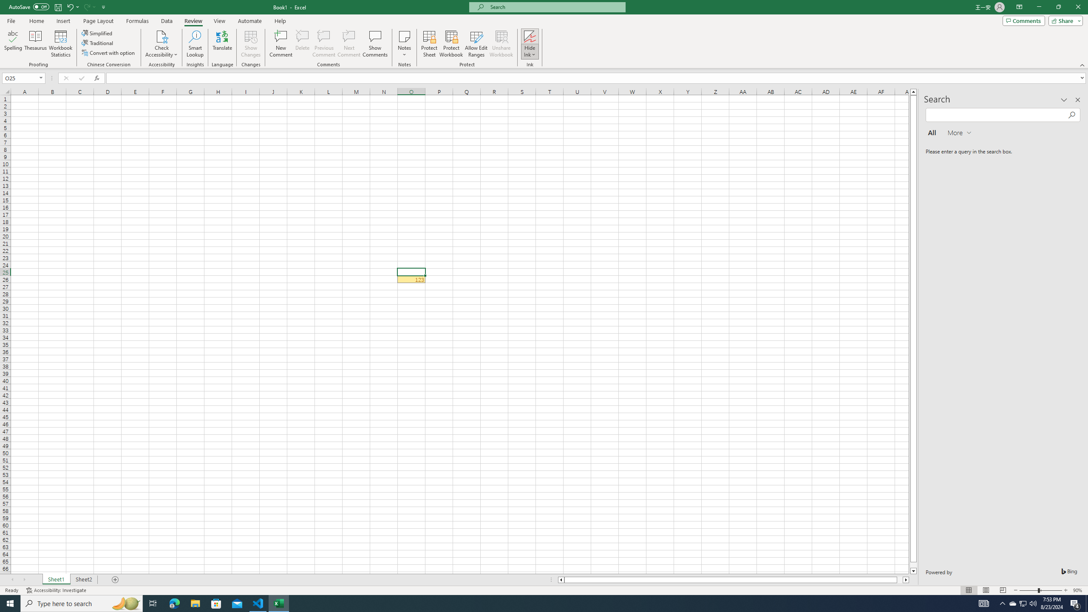 The width and height of the screenshot is (1088, 612). I want to click on 'Show Changes', so click(251, 44).